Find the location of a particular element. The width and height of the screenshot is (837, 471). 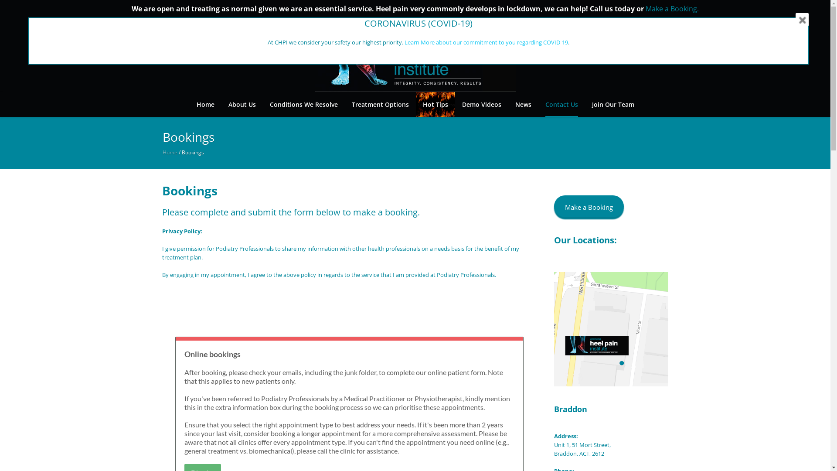

'Hot Tips' is located at coordinates (435, 104).